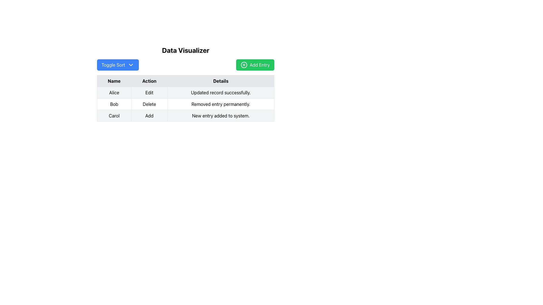 This screenshot has height=305, width=543. Describe the element at coordinates (244, 65) in the screenshot. I see `the circle in the center of the green 'Add Entry' button, which signifies the action of adding a new record or item` at that location.